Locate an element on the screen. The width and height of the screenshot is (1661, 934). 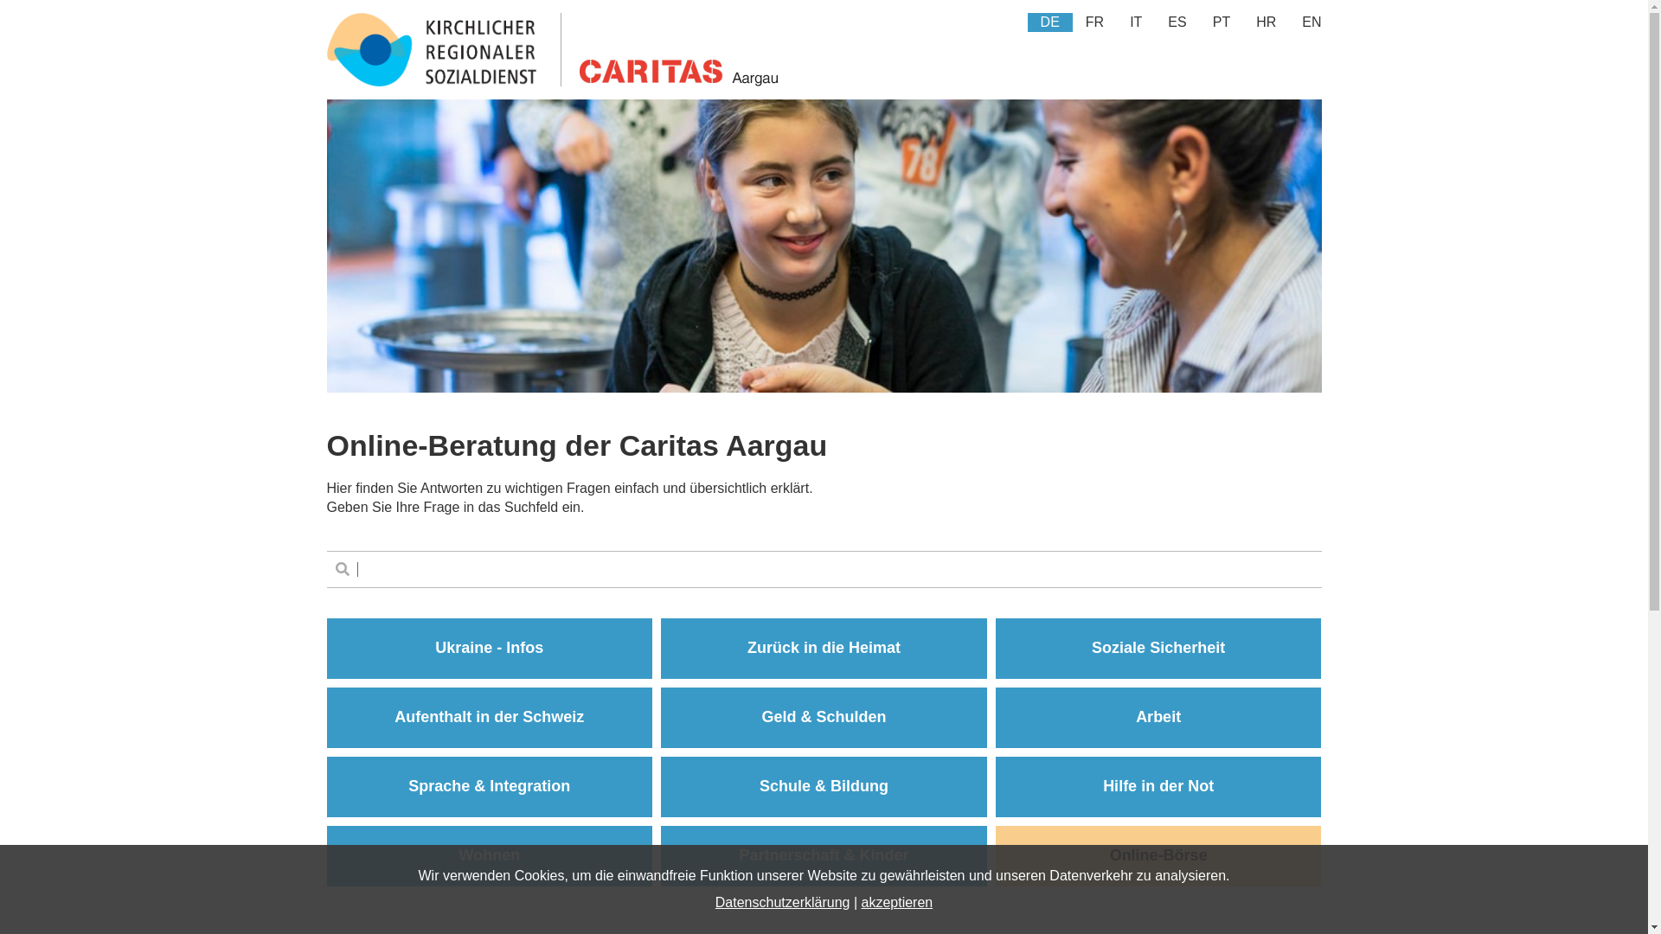
'EN' is located at coordinates (1311, 22).